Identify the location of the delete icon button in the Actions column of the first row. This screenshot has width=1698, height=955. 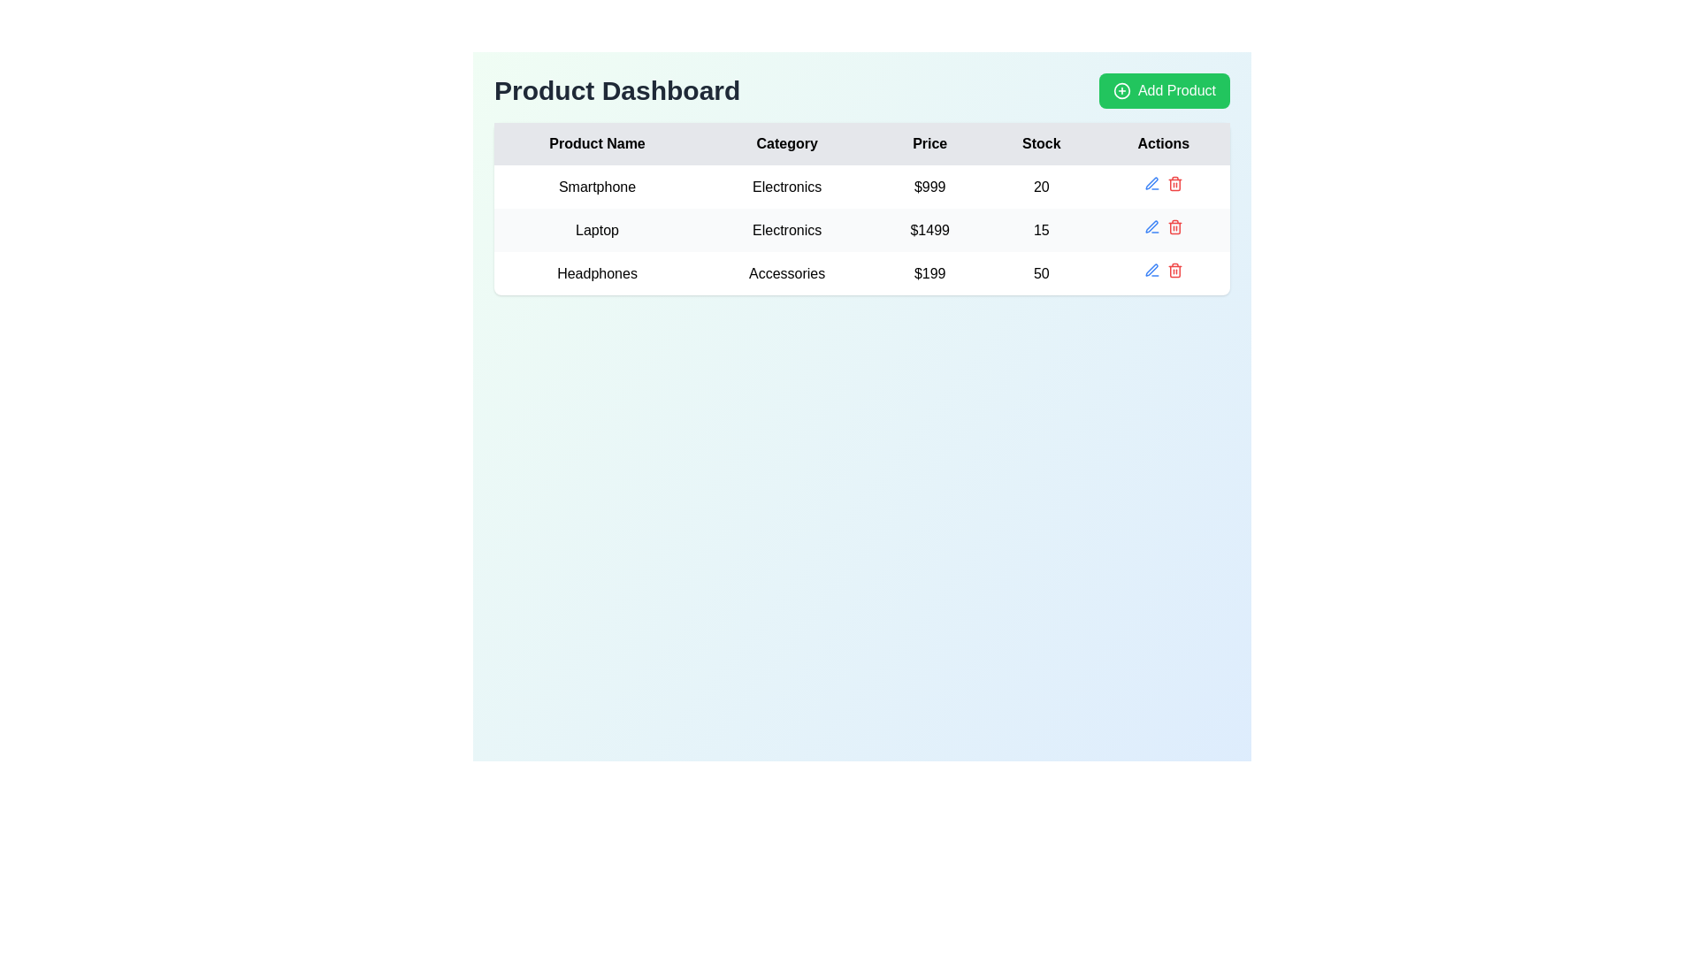
(1174, 184).